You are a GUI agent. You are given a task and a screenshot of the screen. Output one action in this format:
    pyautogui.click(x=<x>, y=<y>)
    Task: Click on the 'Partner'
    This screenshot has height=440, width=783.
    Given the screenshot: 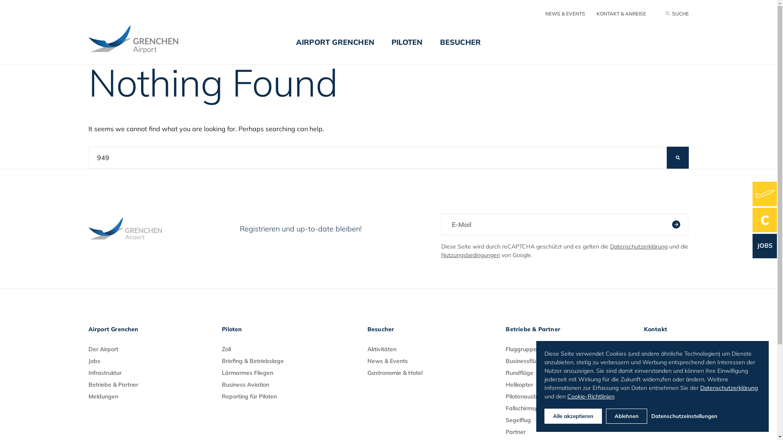 What is the action you would take?
    pyautogui.click(x=505, y=431)
    